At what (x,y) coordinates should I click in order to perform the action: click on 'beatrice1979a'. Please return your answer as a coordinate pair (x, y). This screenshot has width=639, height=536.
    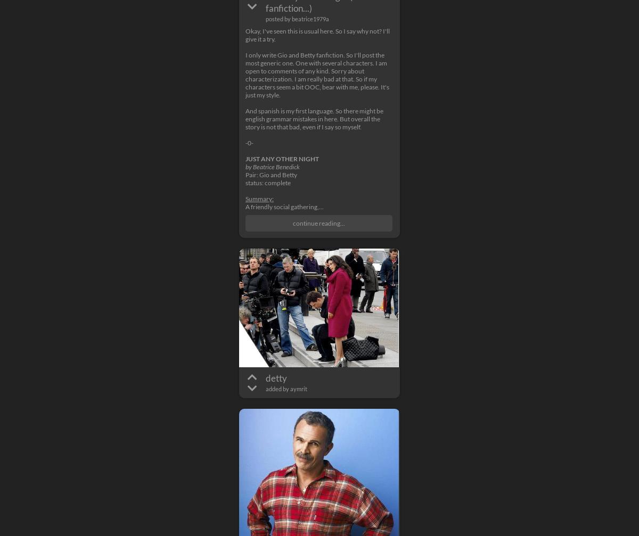
    Looking at the image, I should click on (309, 19).